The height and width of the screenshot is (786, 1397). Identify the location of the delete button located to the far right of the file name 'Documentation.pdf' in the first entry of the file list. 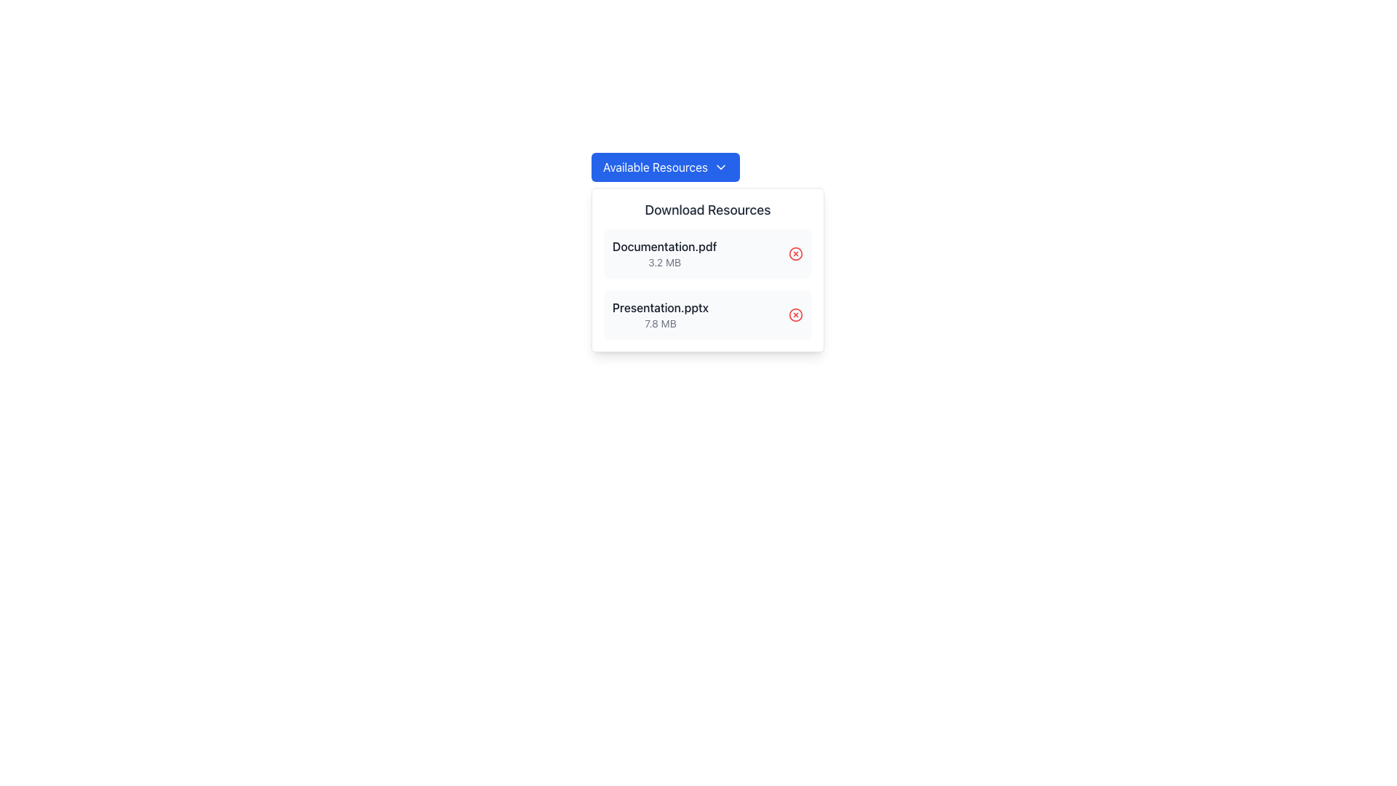
(795, 253).